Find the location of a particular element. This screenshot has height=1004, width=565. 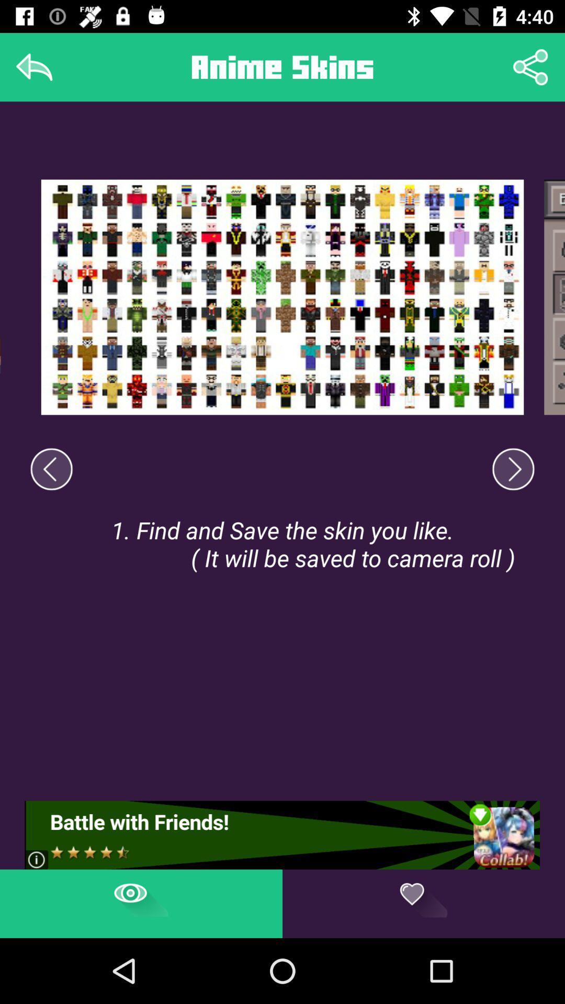

the arrow_forward icon is located at coordinates (513, 469).